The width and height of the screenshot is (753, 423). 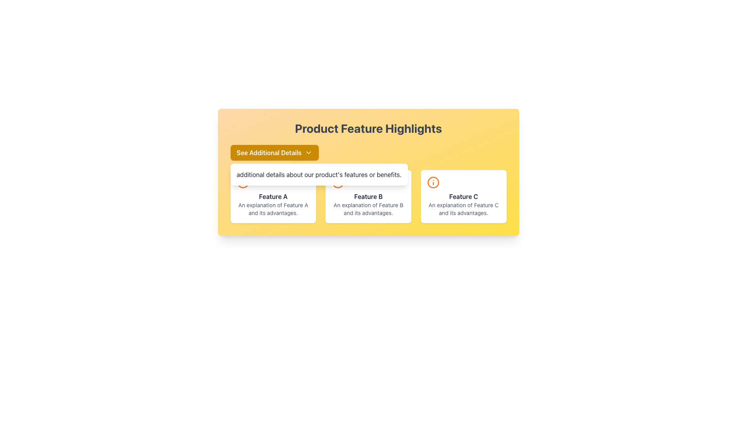 What do you see at coordinates (273, 196) in the screenshot?
I see `text from the first feature title in the 'Product Feature Highlights' section, which is centrally aligned within the first feature's card` at bounding box center [273, 196].